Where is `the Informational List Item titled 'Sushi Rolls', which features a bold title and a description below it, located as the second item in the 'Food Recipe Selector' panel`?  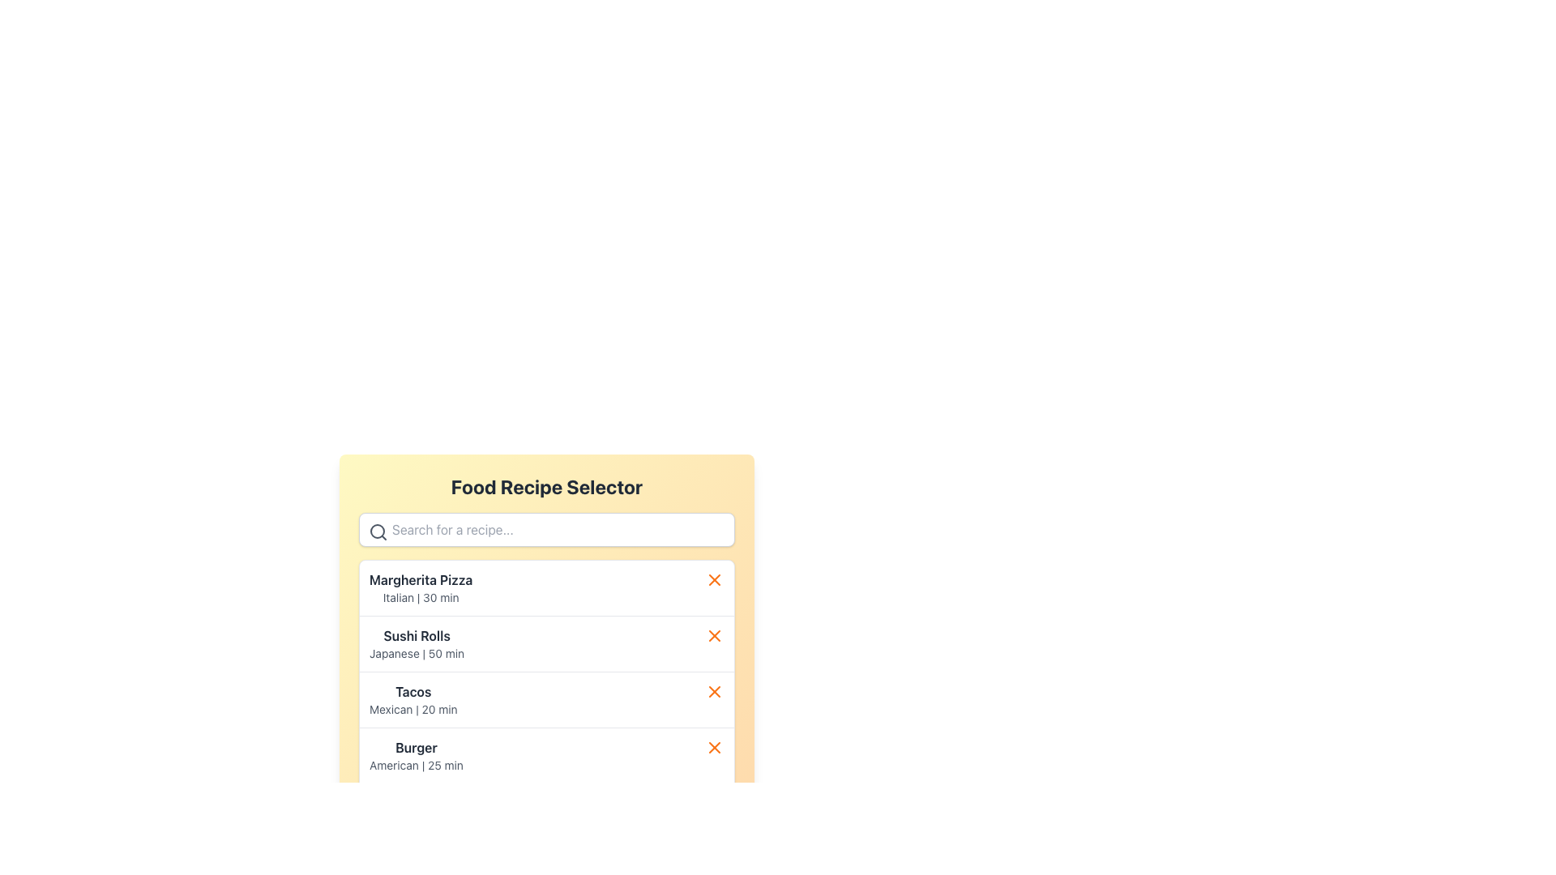 the Informational List Item titled 'Sushi Rolls', which features a bold title and a description below it, located as the second item in the 'Food Recipe Selector' panel is located at coordinates (417, 642).